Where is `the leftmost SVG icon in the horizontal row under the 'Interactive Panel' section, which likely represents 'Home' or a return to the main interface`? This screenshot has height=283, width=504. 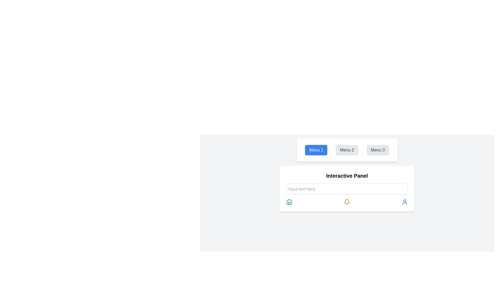 the leftmost SVG icon in the horizontal row under the 'Interactive Panel' section, which likely represents 'Home' or a return to the main interface is located at coordinates (289, 202).